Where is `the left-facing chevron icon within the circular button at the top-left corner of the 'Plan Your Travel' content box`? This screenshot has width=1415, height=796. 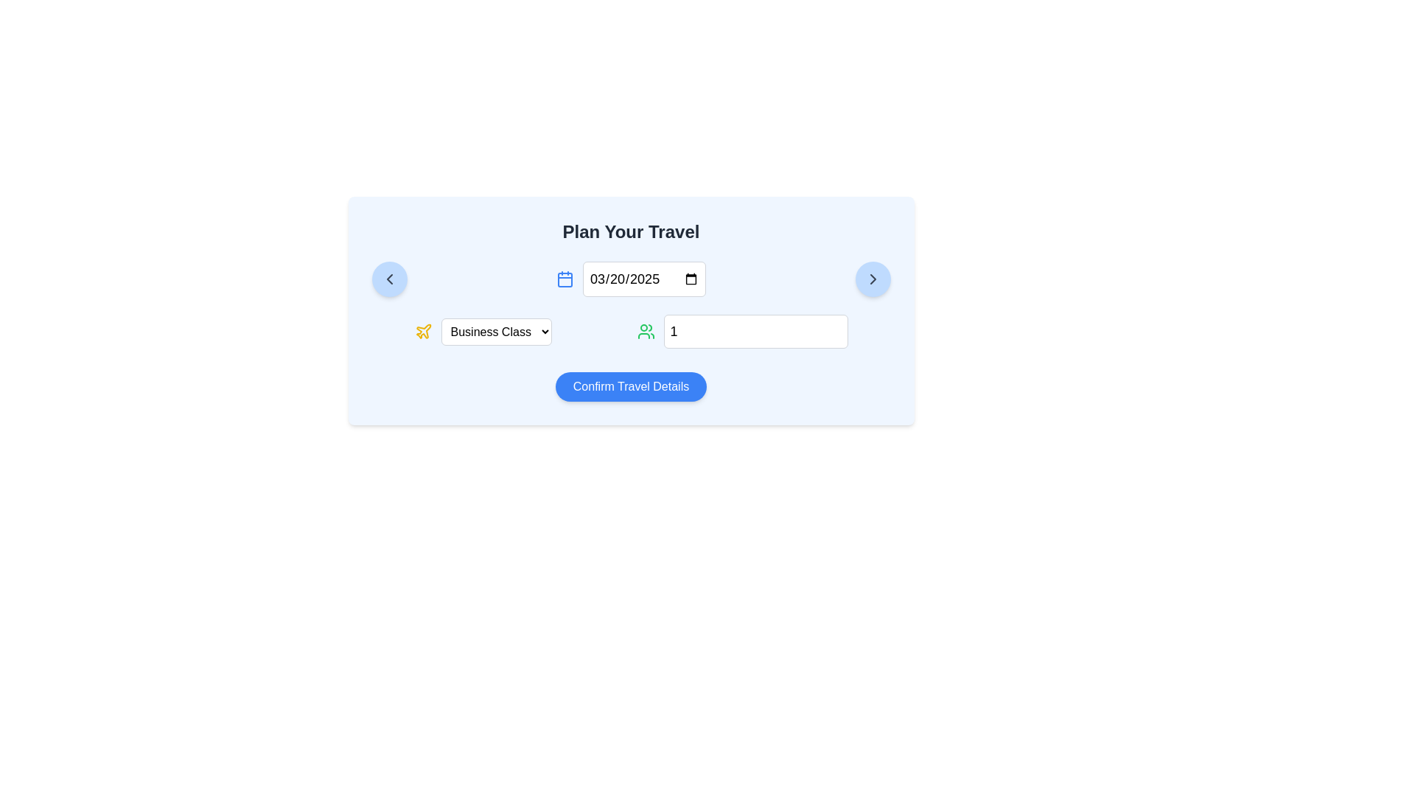
the left-facing chevron icon within the circular button at the top-left corner of the 'Plan Your Travel' content box is located at coordinates (389, 279).